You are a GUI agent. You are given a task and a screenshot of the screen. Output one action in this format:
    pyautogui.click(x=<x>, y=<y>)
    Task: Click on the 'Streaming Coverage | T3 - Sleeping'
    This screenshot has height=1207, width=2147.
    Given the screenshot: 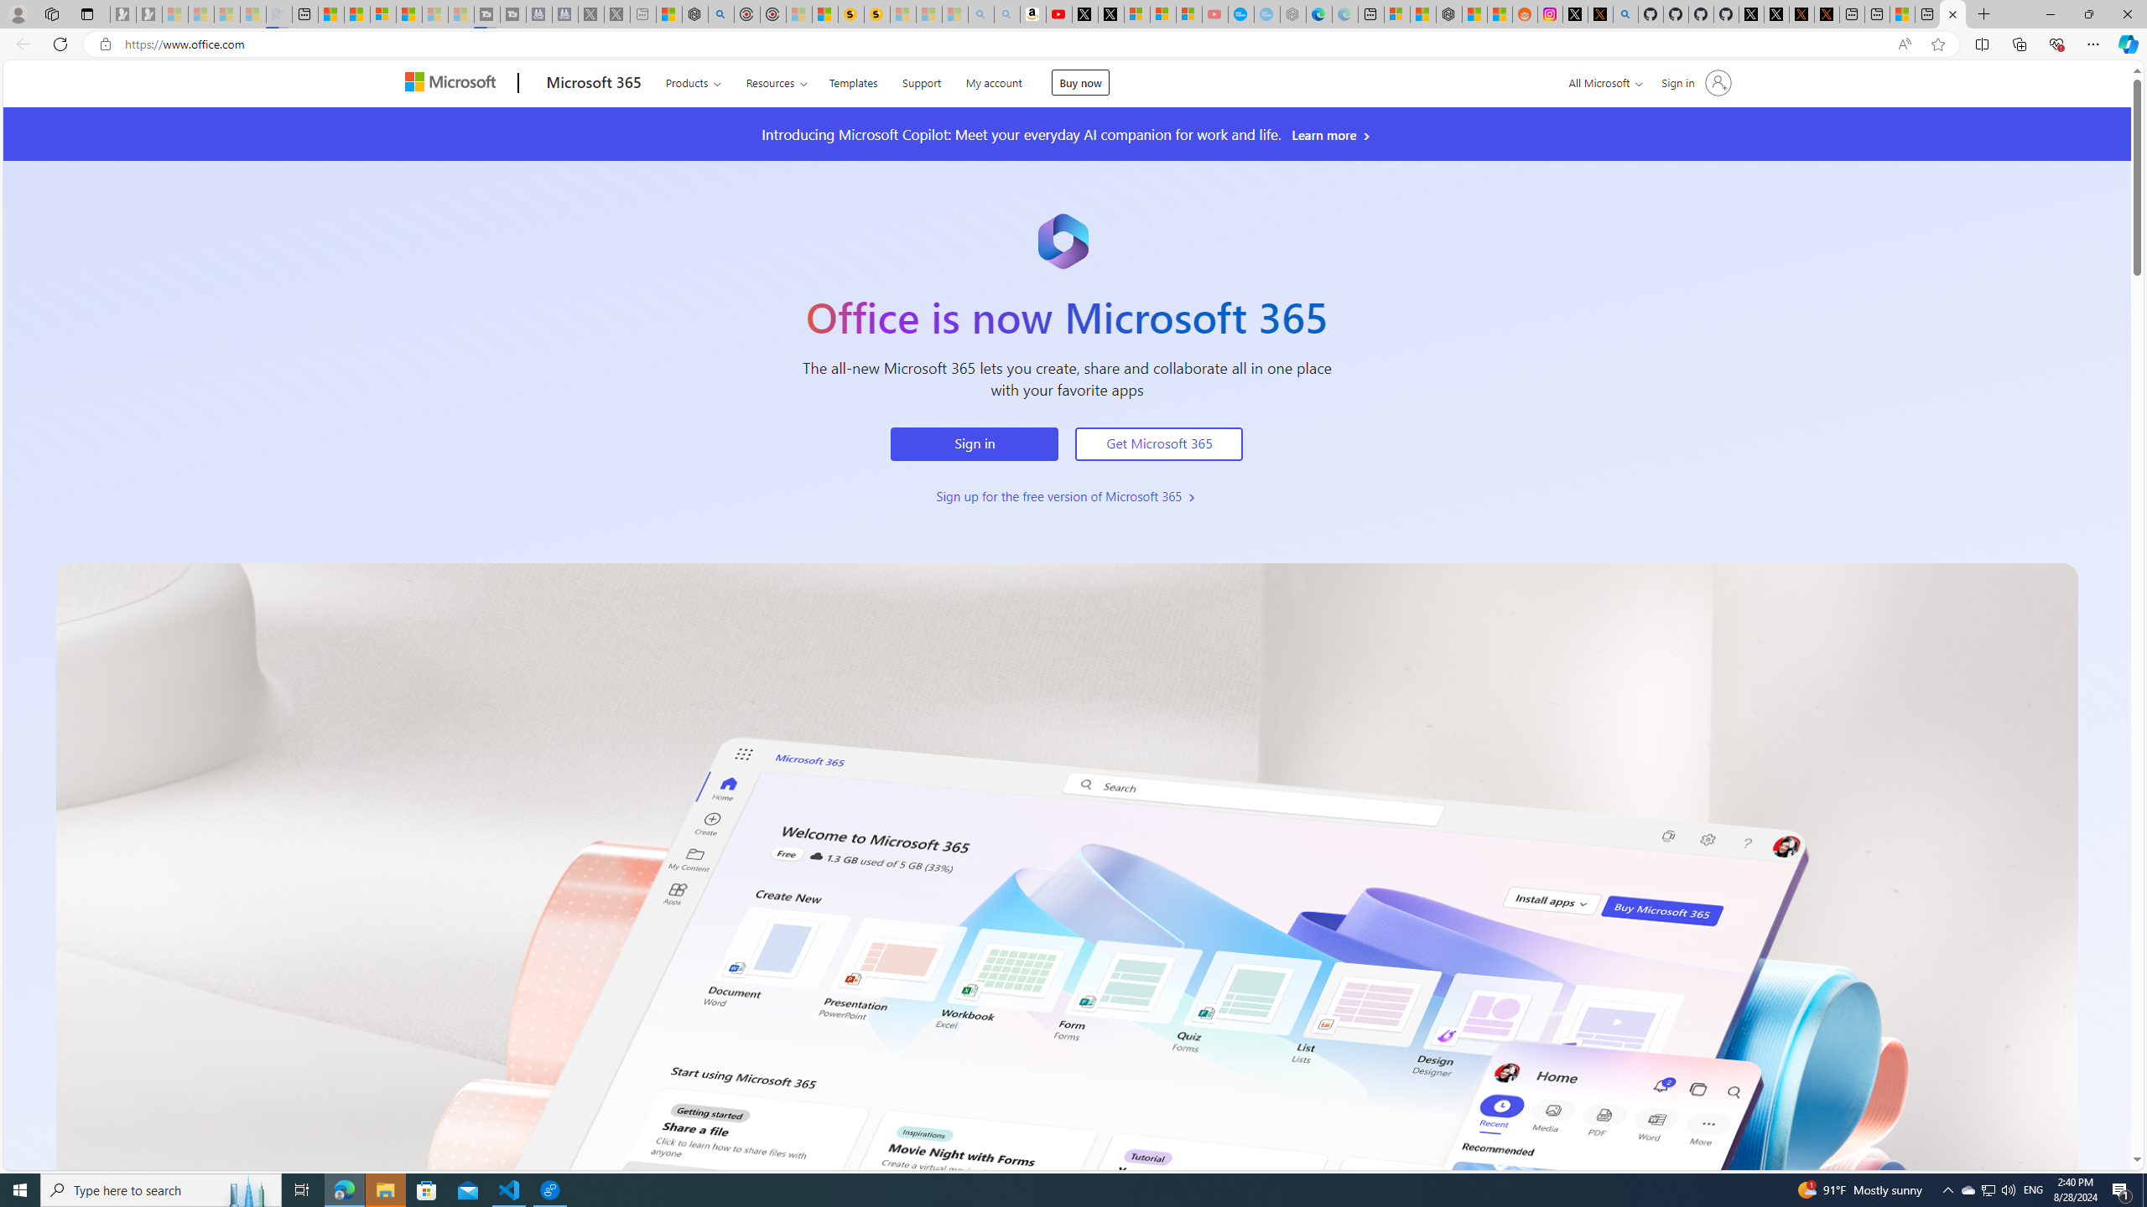 What is the action you would take?
    pyautogui.click(x=486, y=13)
    